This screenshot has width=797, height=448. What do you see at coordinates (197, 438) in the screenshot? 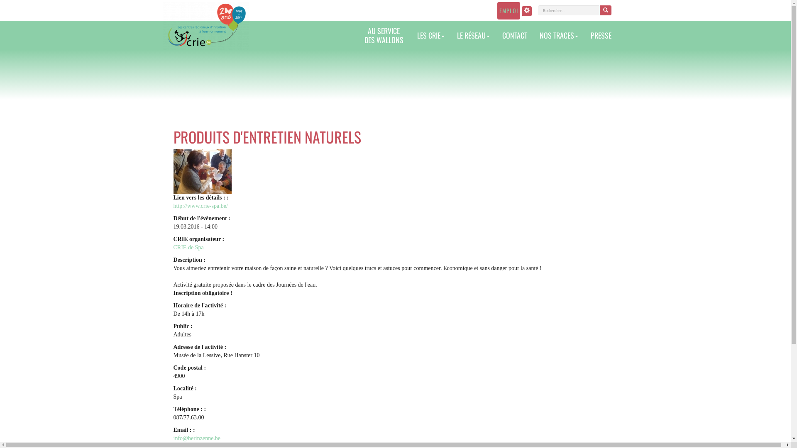
I see `'info@berinzenne.be'` at bounding box center [197, 438].